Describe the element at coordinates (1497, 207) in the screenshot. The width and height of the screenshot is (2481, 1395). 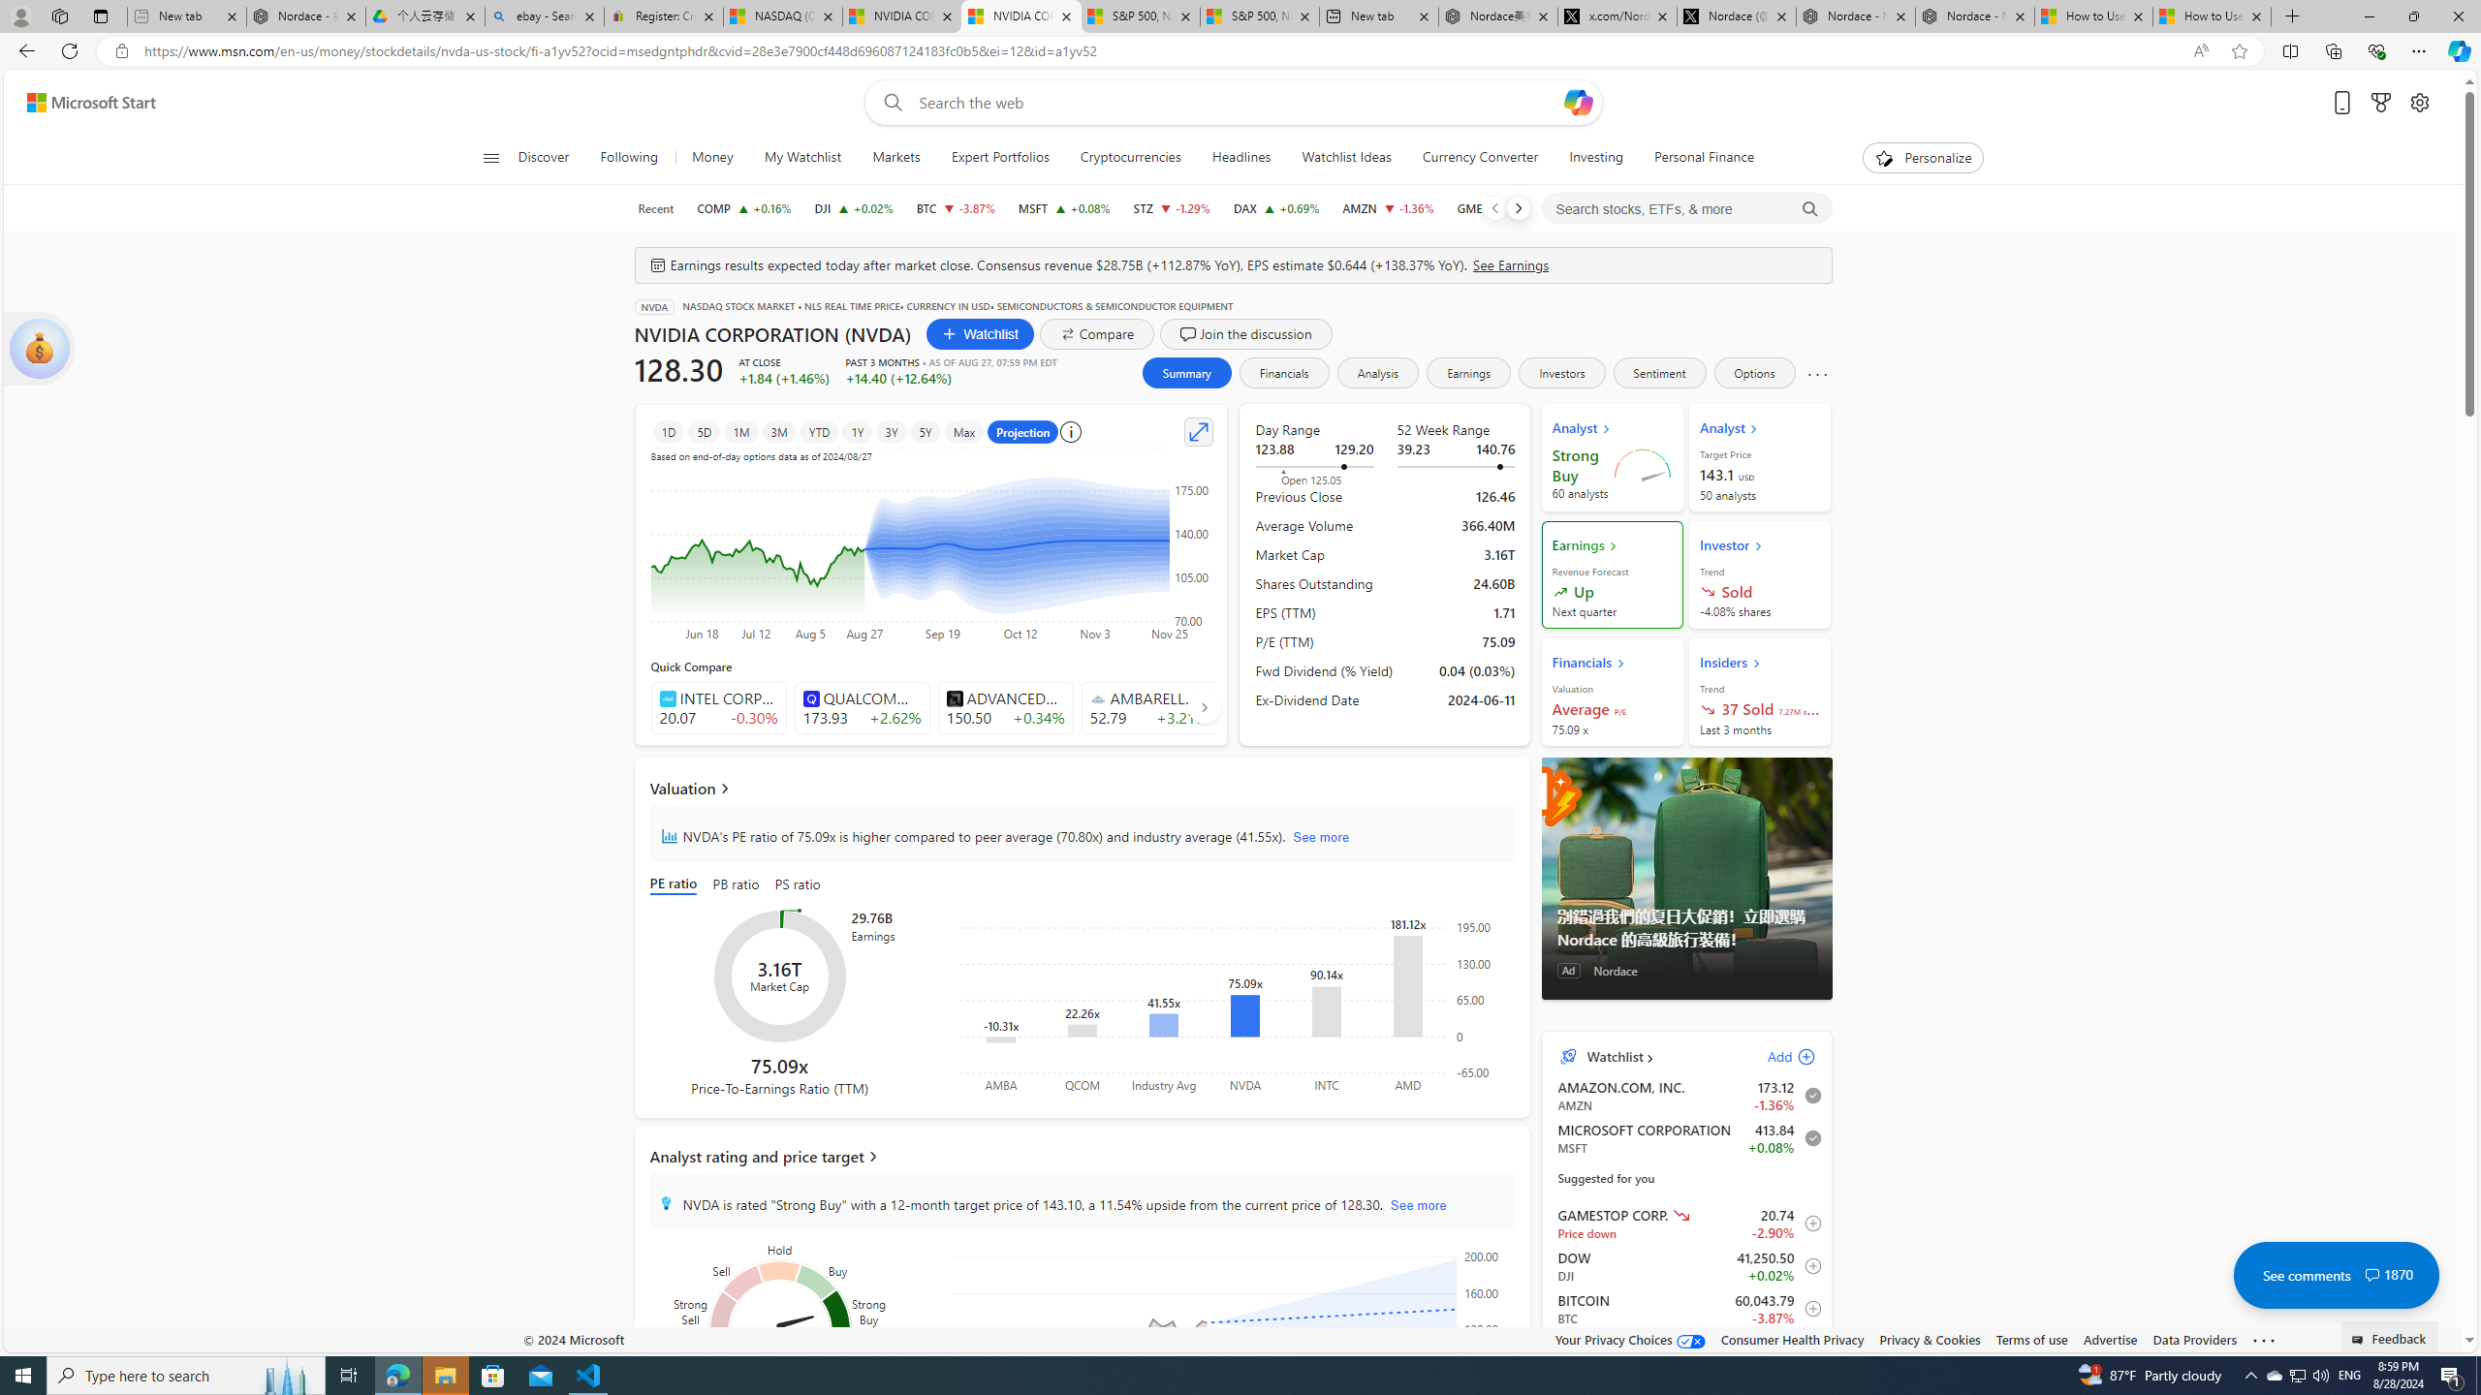
I see `'GME GAMESTOP CORP. decrease 20.74 -0.62 -2.90%'` at that location.